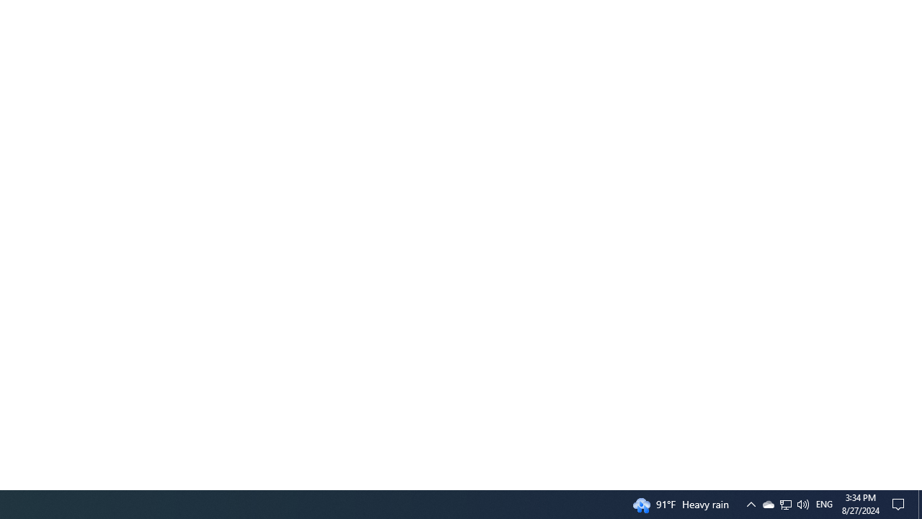 The height and width of the screenshot is (519, 922). I want to click on 'Show desktop', so click(919, 503).